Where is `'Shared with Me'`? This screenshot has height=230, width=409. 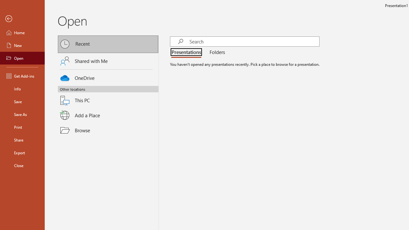
'Shared with Me' is located at coordinates (108, 61).